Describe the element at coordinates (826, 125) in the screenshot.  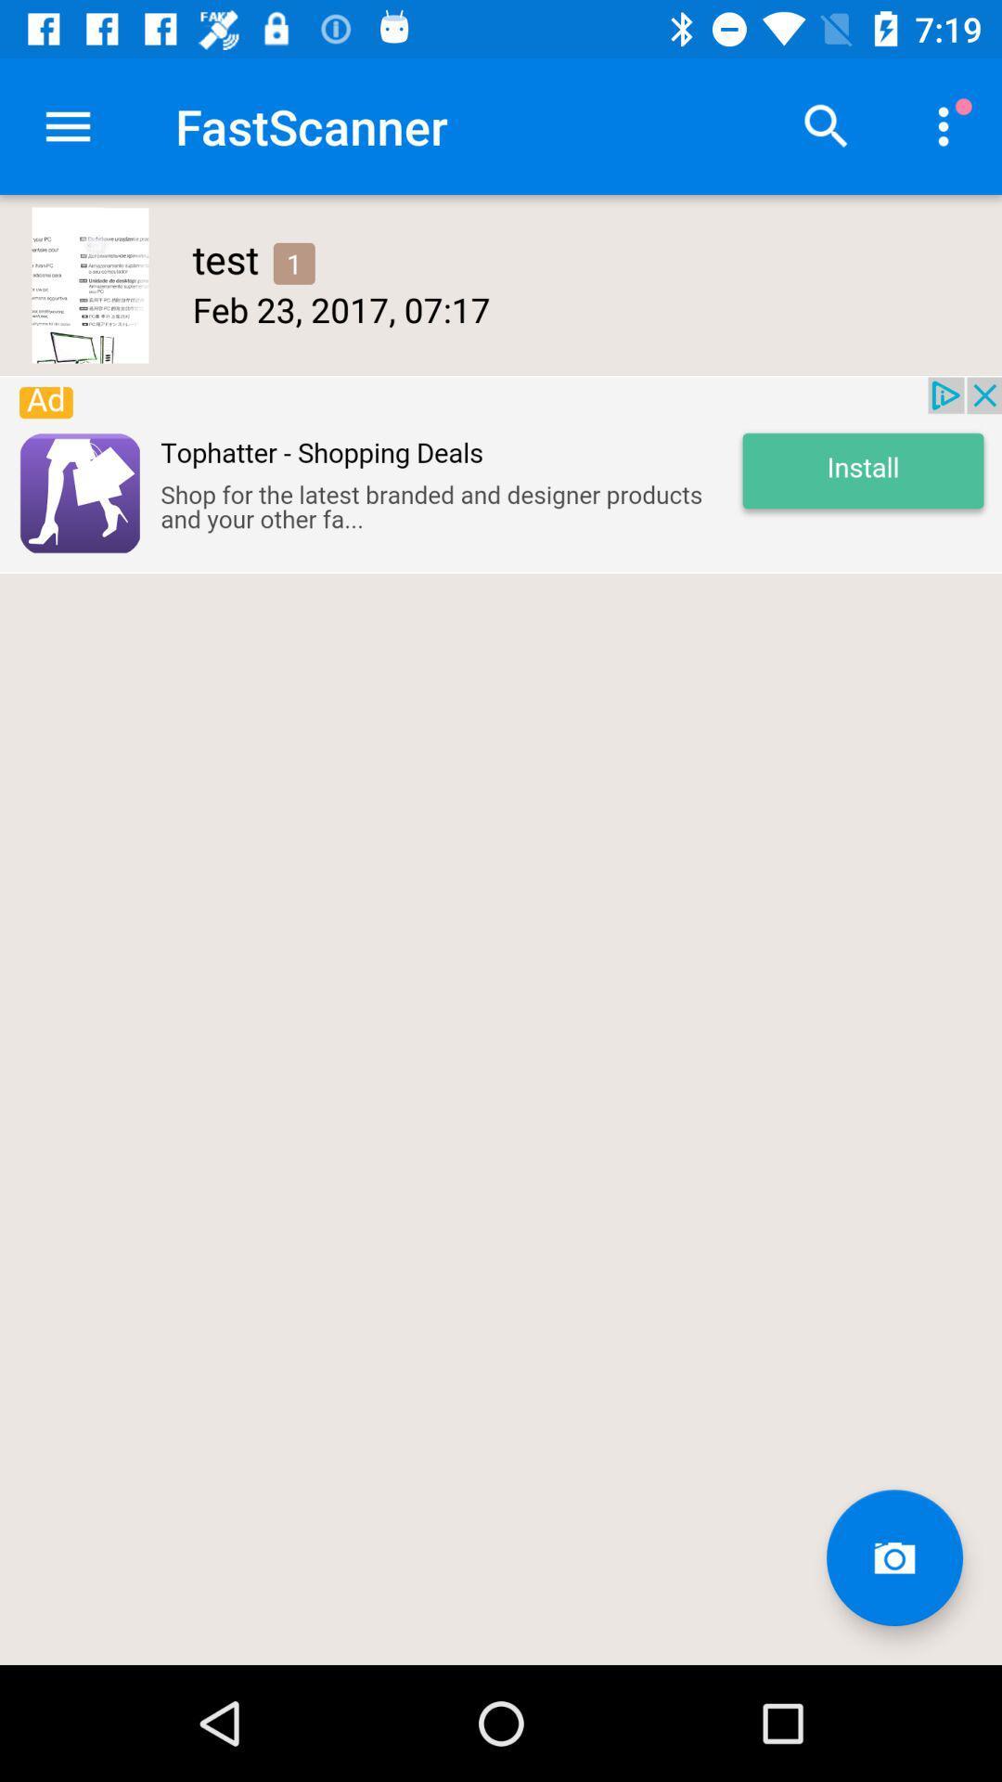
I see `initiate search` at that location.